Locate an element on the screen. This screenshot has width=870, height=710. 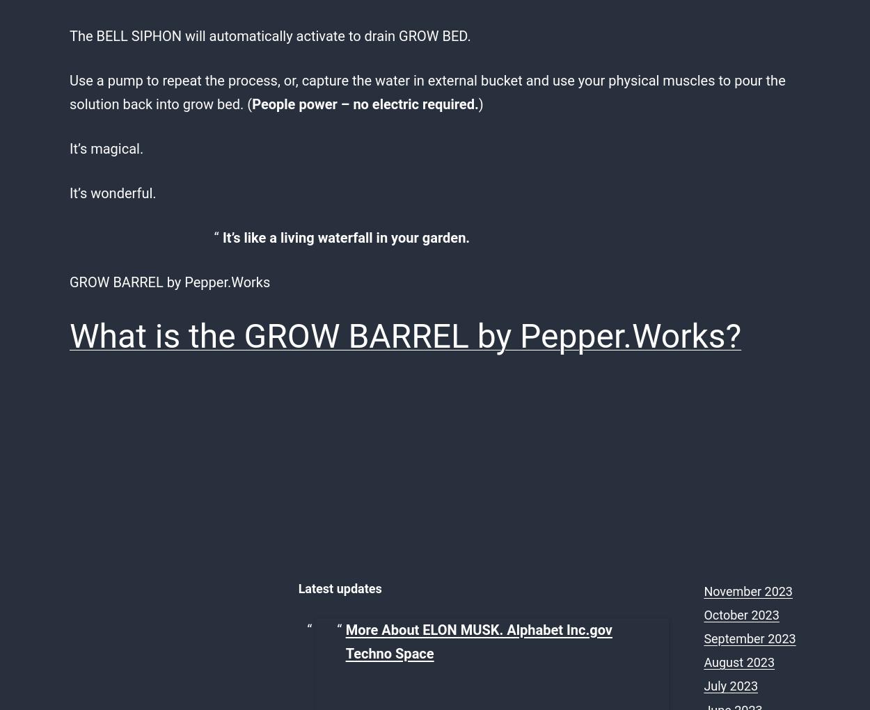
'GROW BARREL by Pepper.Works' is located at coordinates (69, 281).